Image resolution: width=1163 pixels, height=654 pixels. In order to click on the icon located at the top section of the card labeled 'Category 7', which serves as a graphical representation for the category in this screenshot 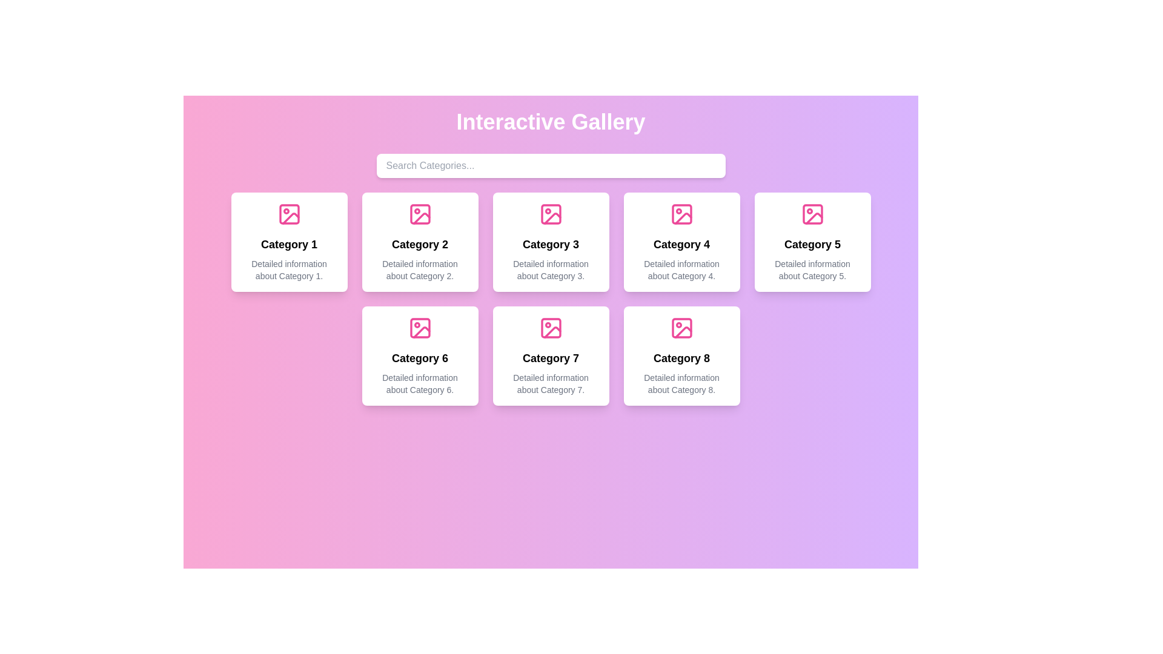, I will do `click(550, 328)`.